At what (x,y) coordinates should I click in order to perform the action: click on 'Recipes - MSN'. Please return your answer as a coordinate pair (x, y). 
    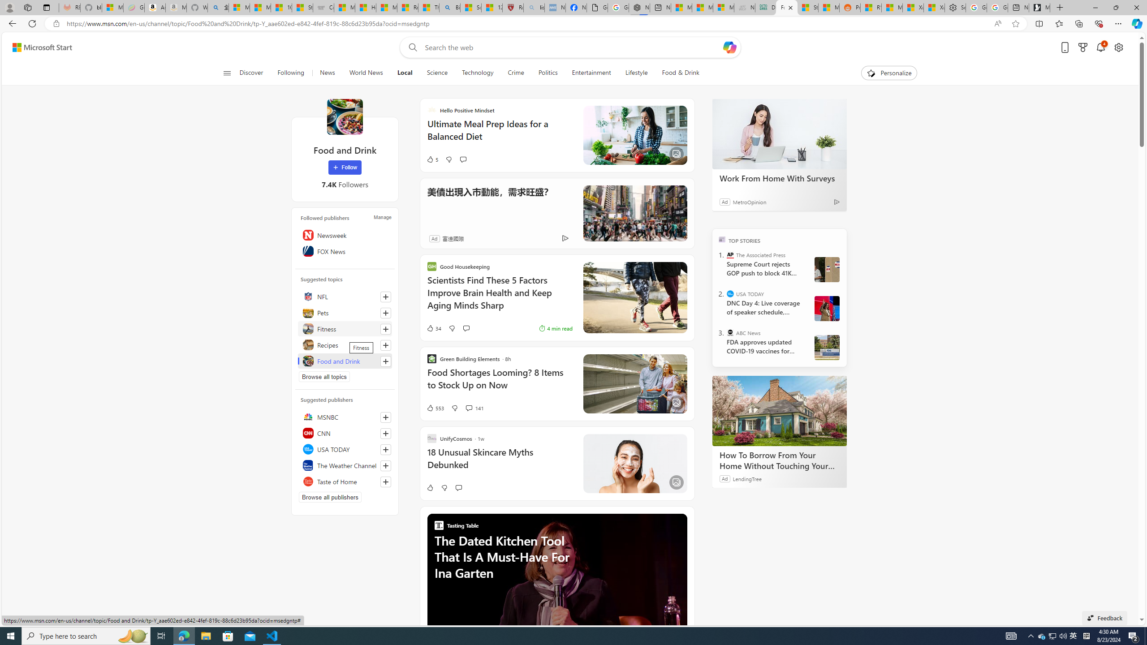
    Looking at the image, I should click on (407, 7).